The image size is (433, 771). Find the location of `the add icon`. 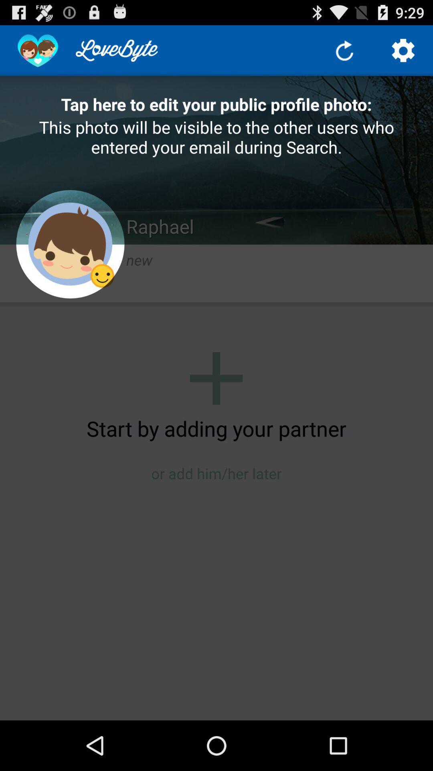

the add icon is located at coordinates (216, 405).